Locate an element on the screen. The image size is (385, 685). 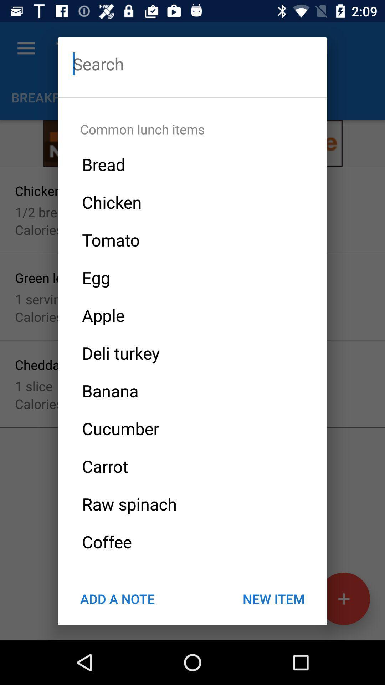
new item icon is located at coordinates (273, 599).